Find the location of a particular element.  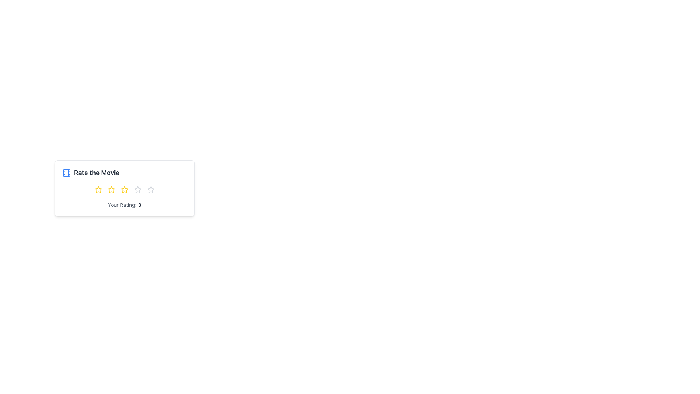

the informative text label displaying 'Your Rating: 3', which is located at the bottom-center of the card titled 'Rate the Movie' is located at coordinates (124, 205).